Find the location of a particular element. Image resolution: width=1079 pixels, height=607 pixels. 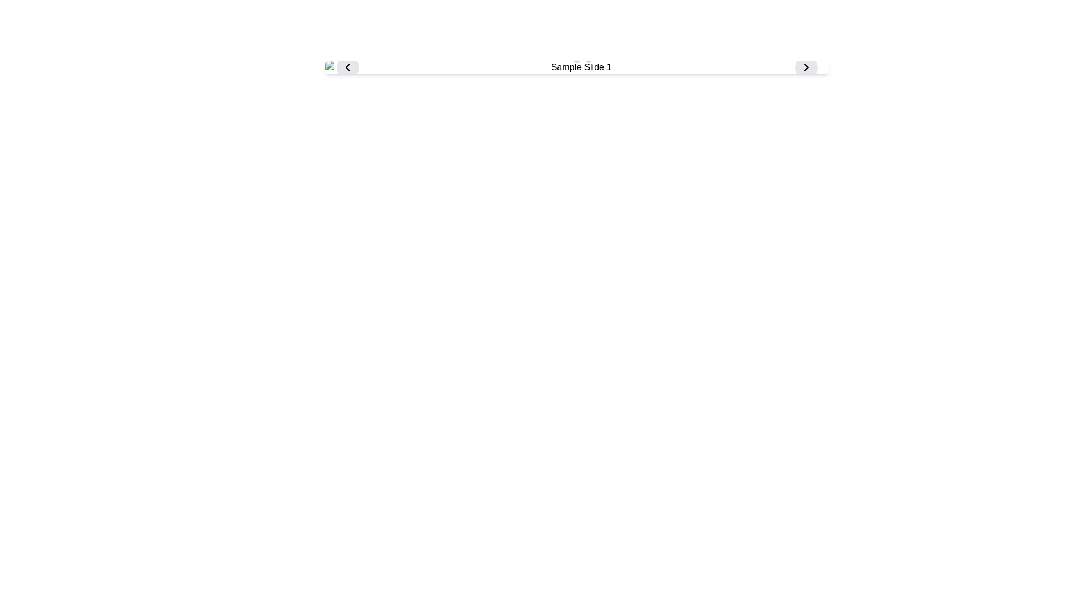

the navigation IconButton located at the center of a circular button near the top left section of the interface is located at coordinates (347, 67).